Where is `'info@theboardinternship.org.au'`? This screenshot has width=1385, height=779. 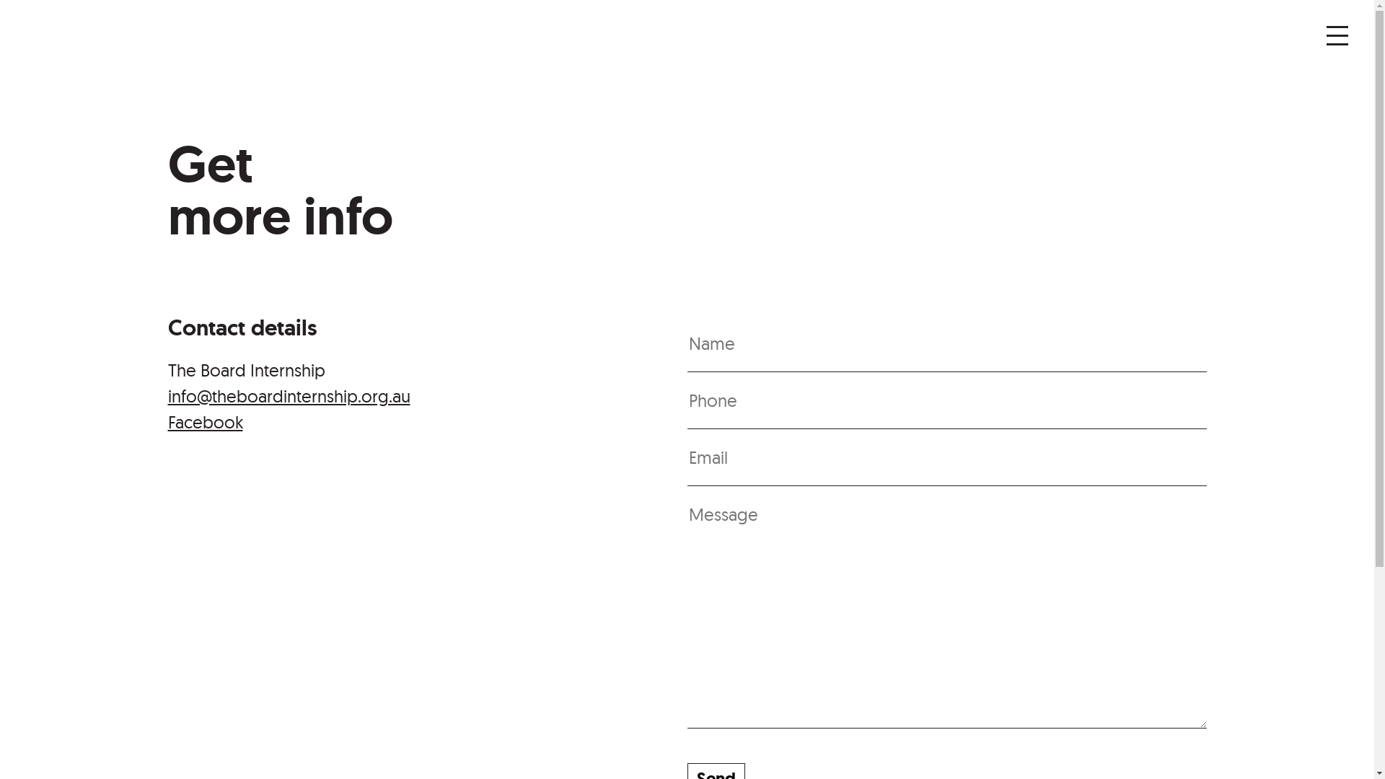
'info@theboardinternship.org.au' is located at coordinates (288, 395).